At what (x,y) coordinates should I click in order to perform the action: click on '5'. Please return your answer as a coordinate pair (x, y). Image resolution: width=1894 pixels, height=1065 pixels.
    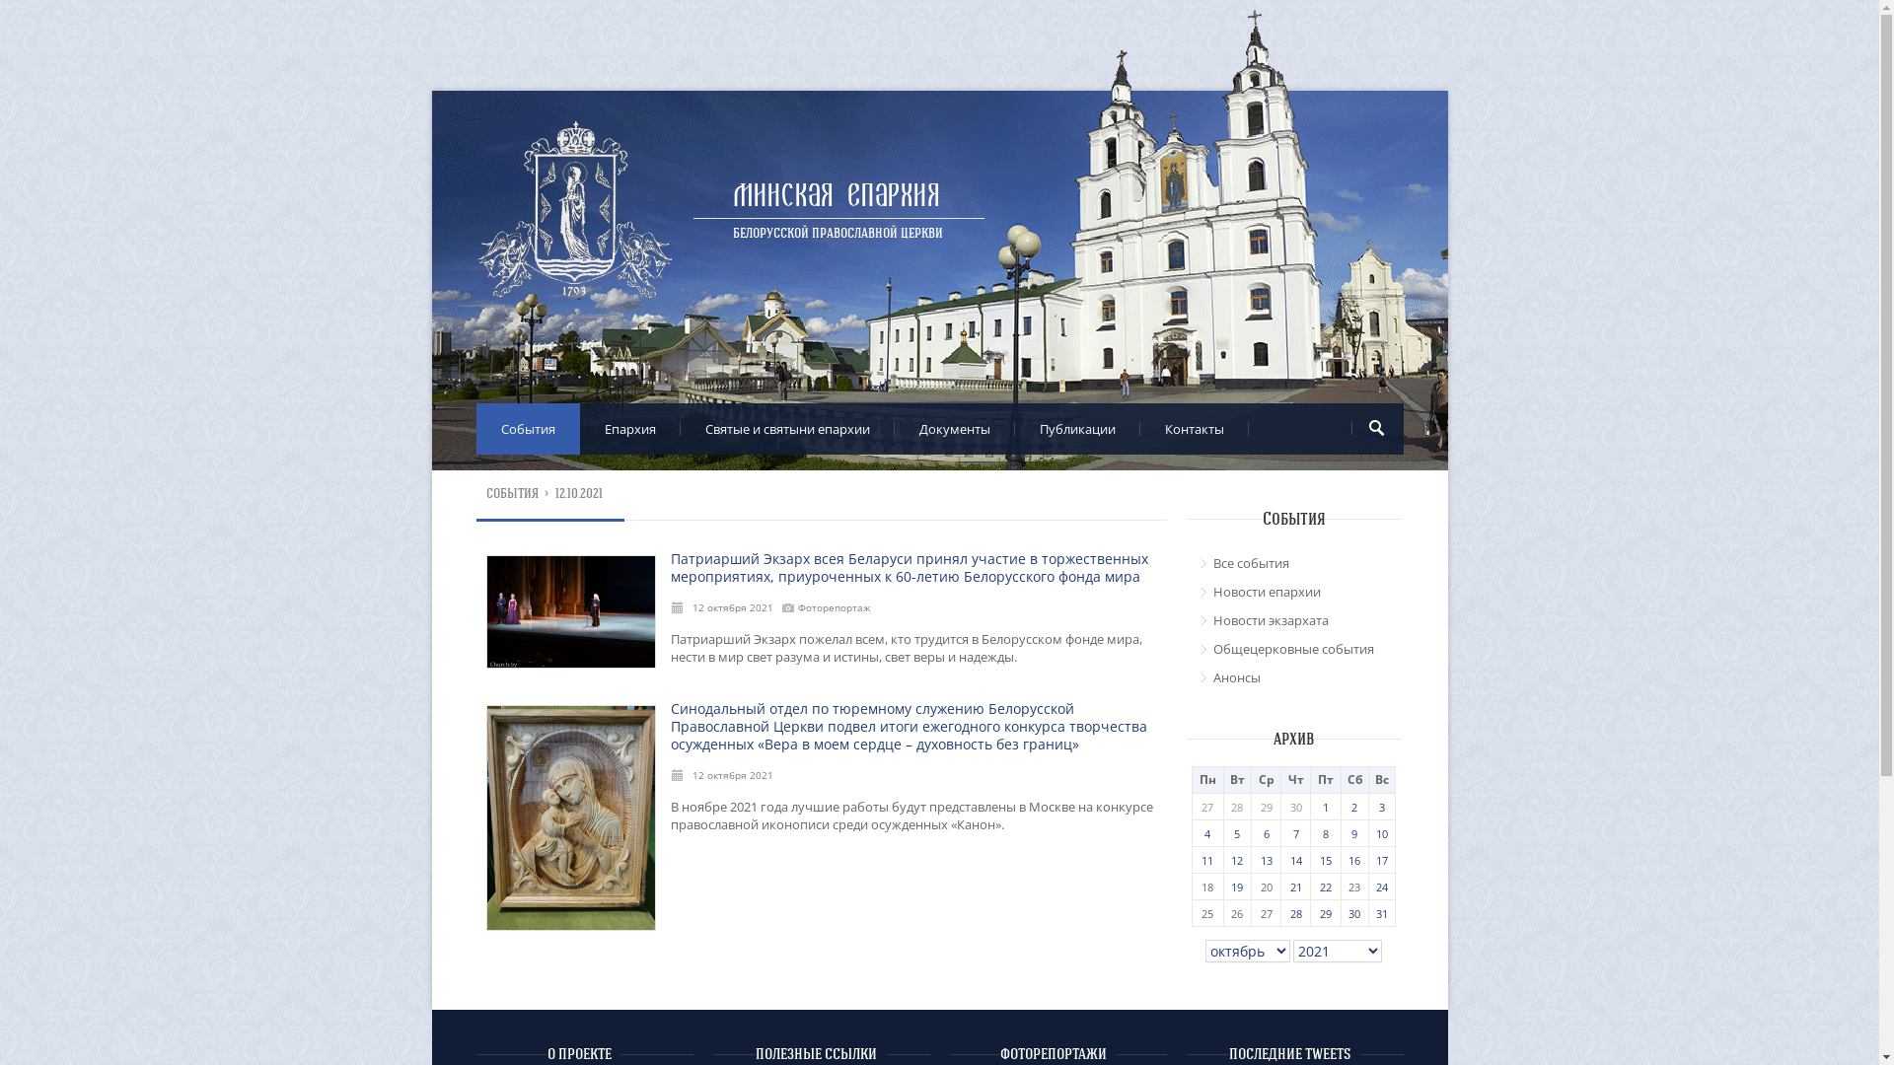
    Looking at the image, I should click on (1235, 833).